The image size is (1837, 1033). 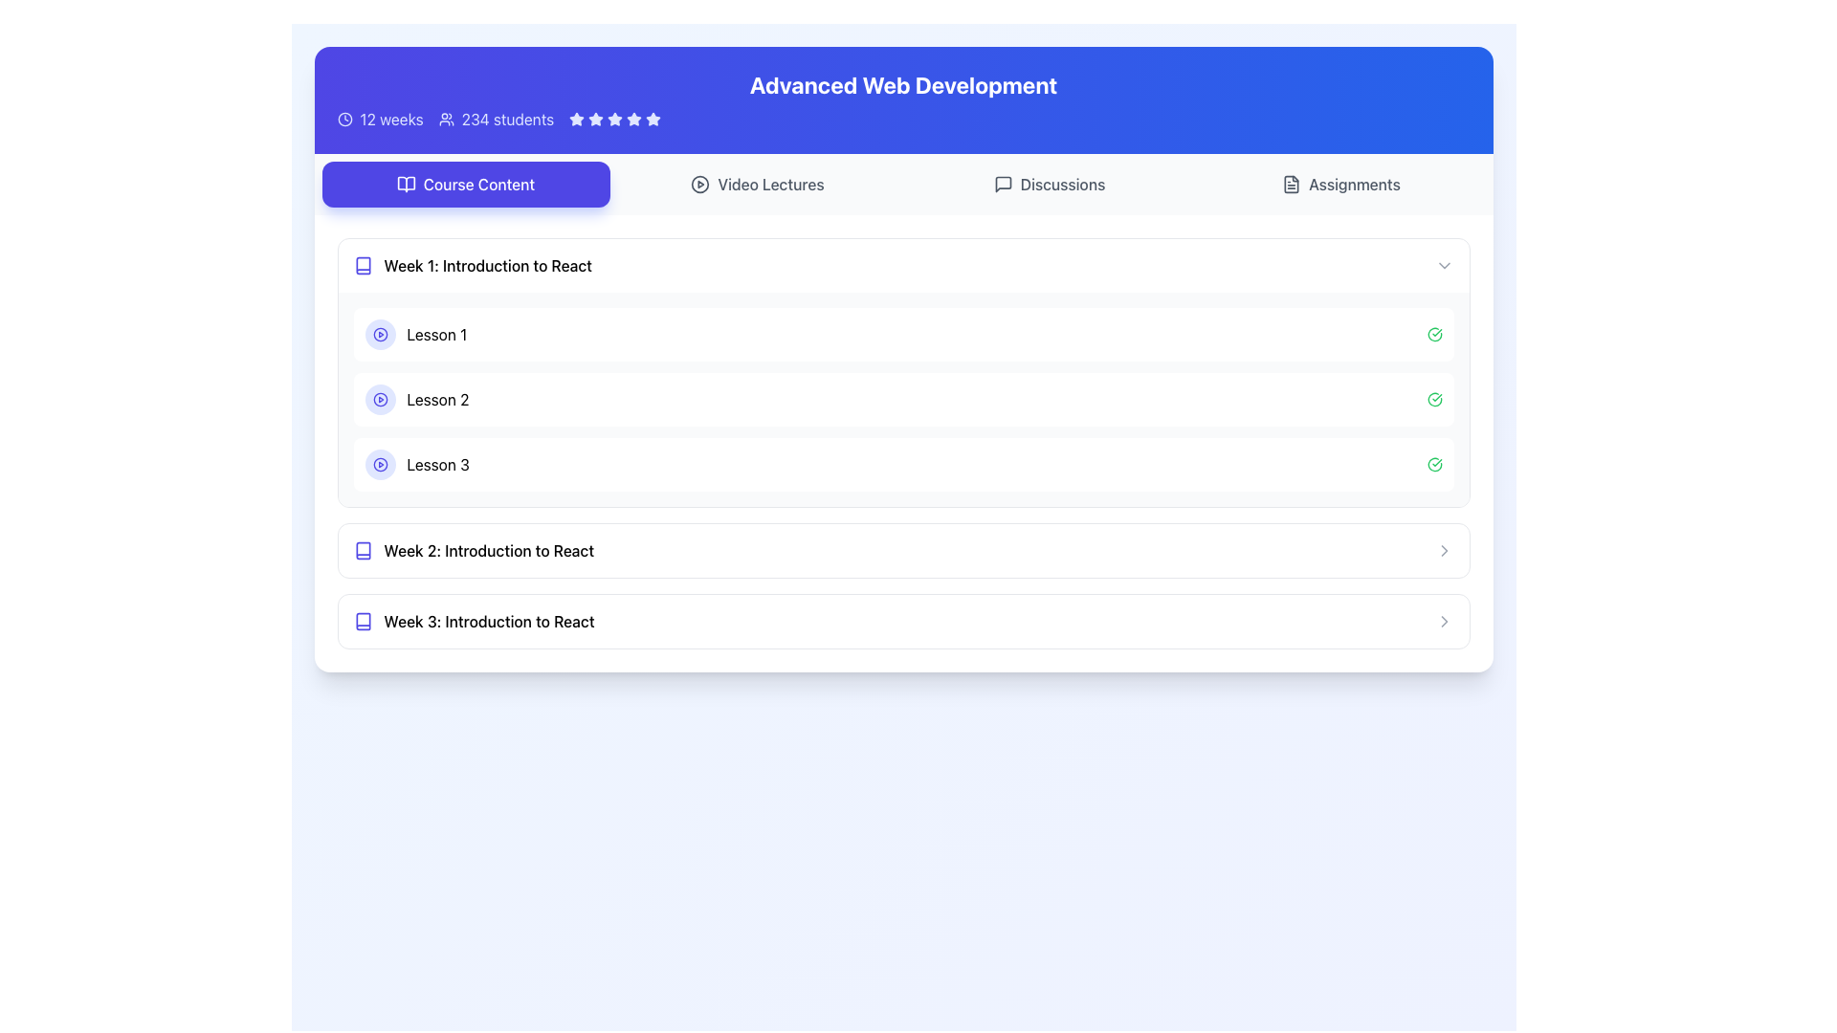 What do you see at coordinates (1434, 334) in the screenshot?
I see `the status indicator icon for 'Lesson 1' in the 'Week 1: Introduction to React' section to confirm completion` at bounding box center [1434, 334].